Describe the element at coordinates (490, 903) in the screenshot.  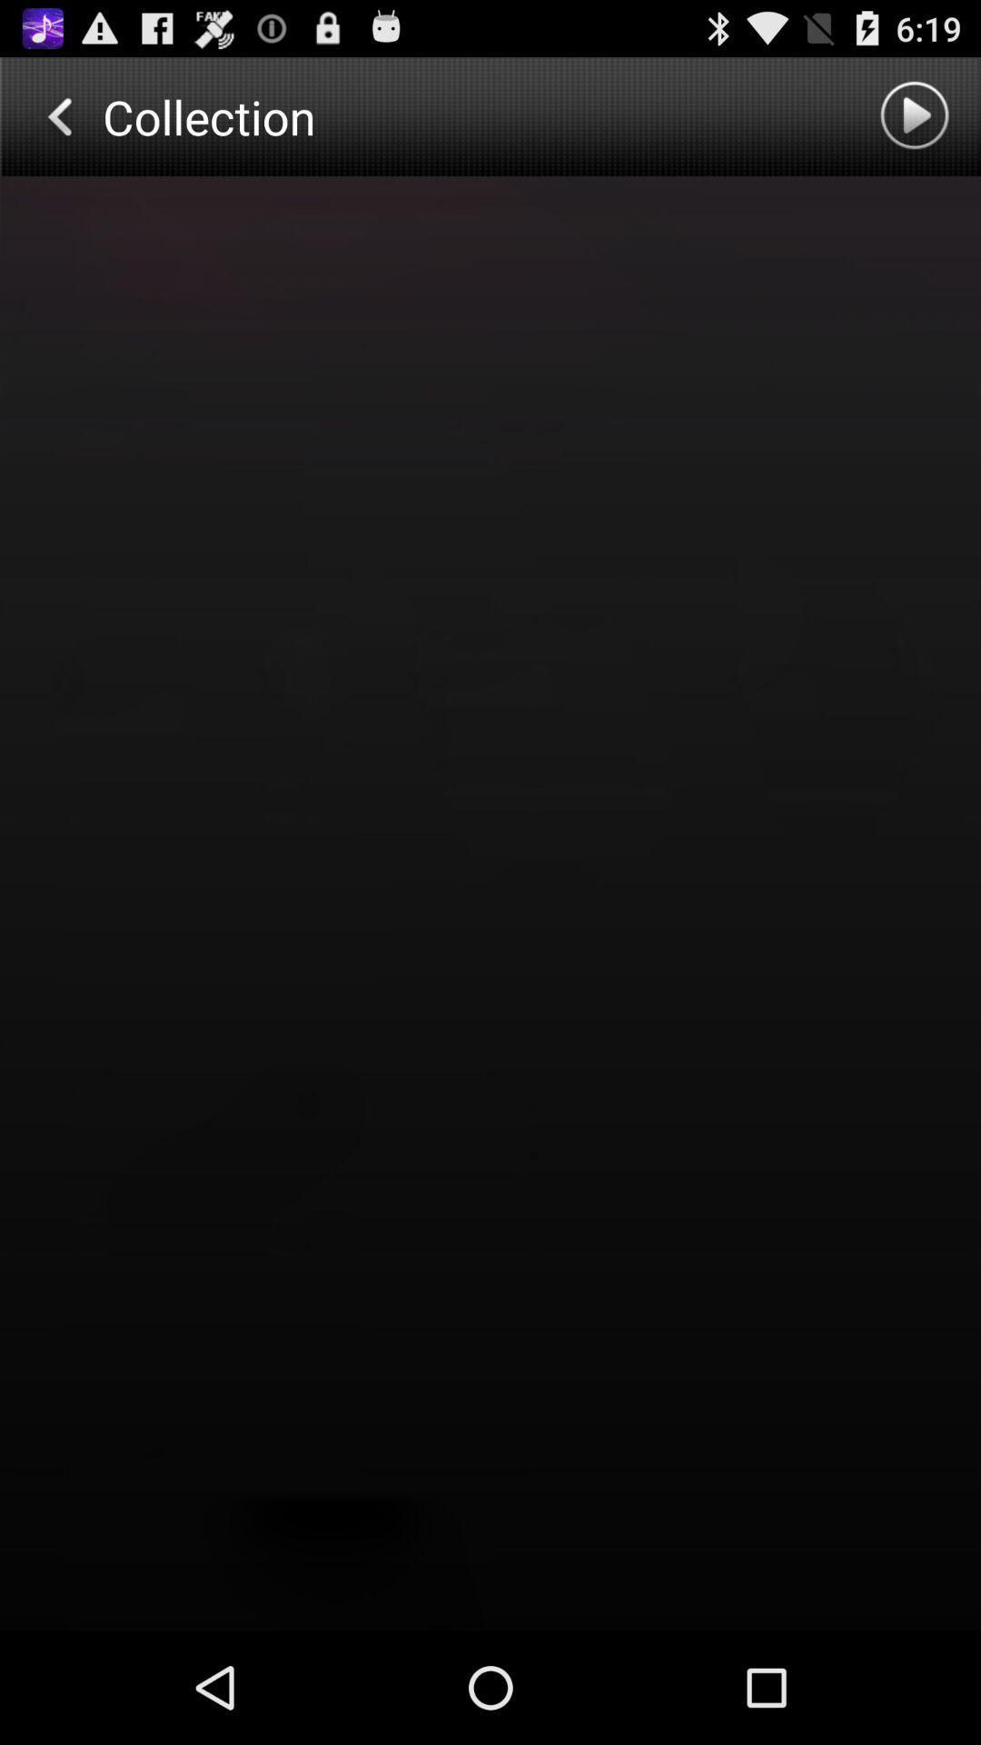
I see `item at the center` at that location.